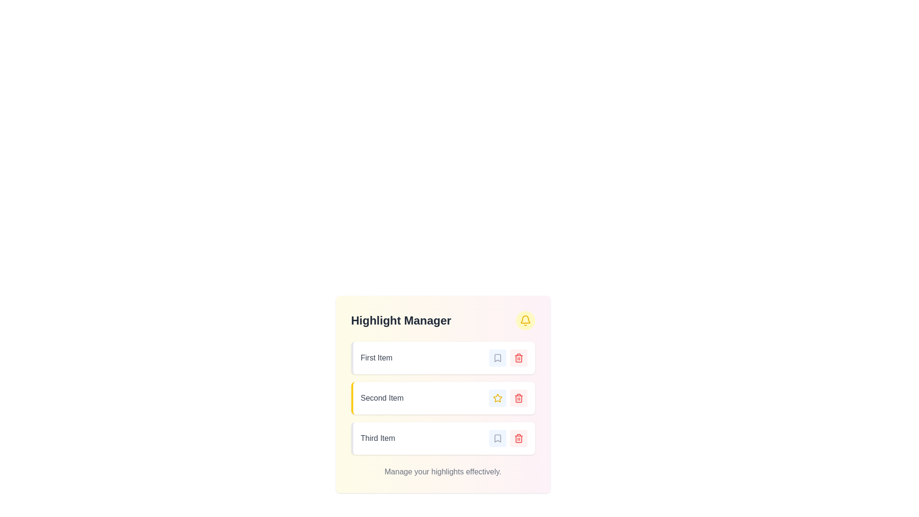  Describe the element at coordinates (497, 397) in the screenshot. I see `the star-shaped icon with yellow outlines located to the right of the text 'Second Item' in the second row of the 'Highlight Manager' module` at that location.